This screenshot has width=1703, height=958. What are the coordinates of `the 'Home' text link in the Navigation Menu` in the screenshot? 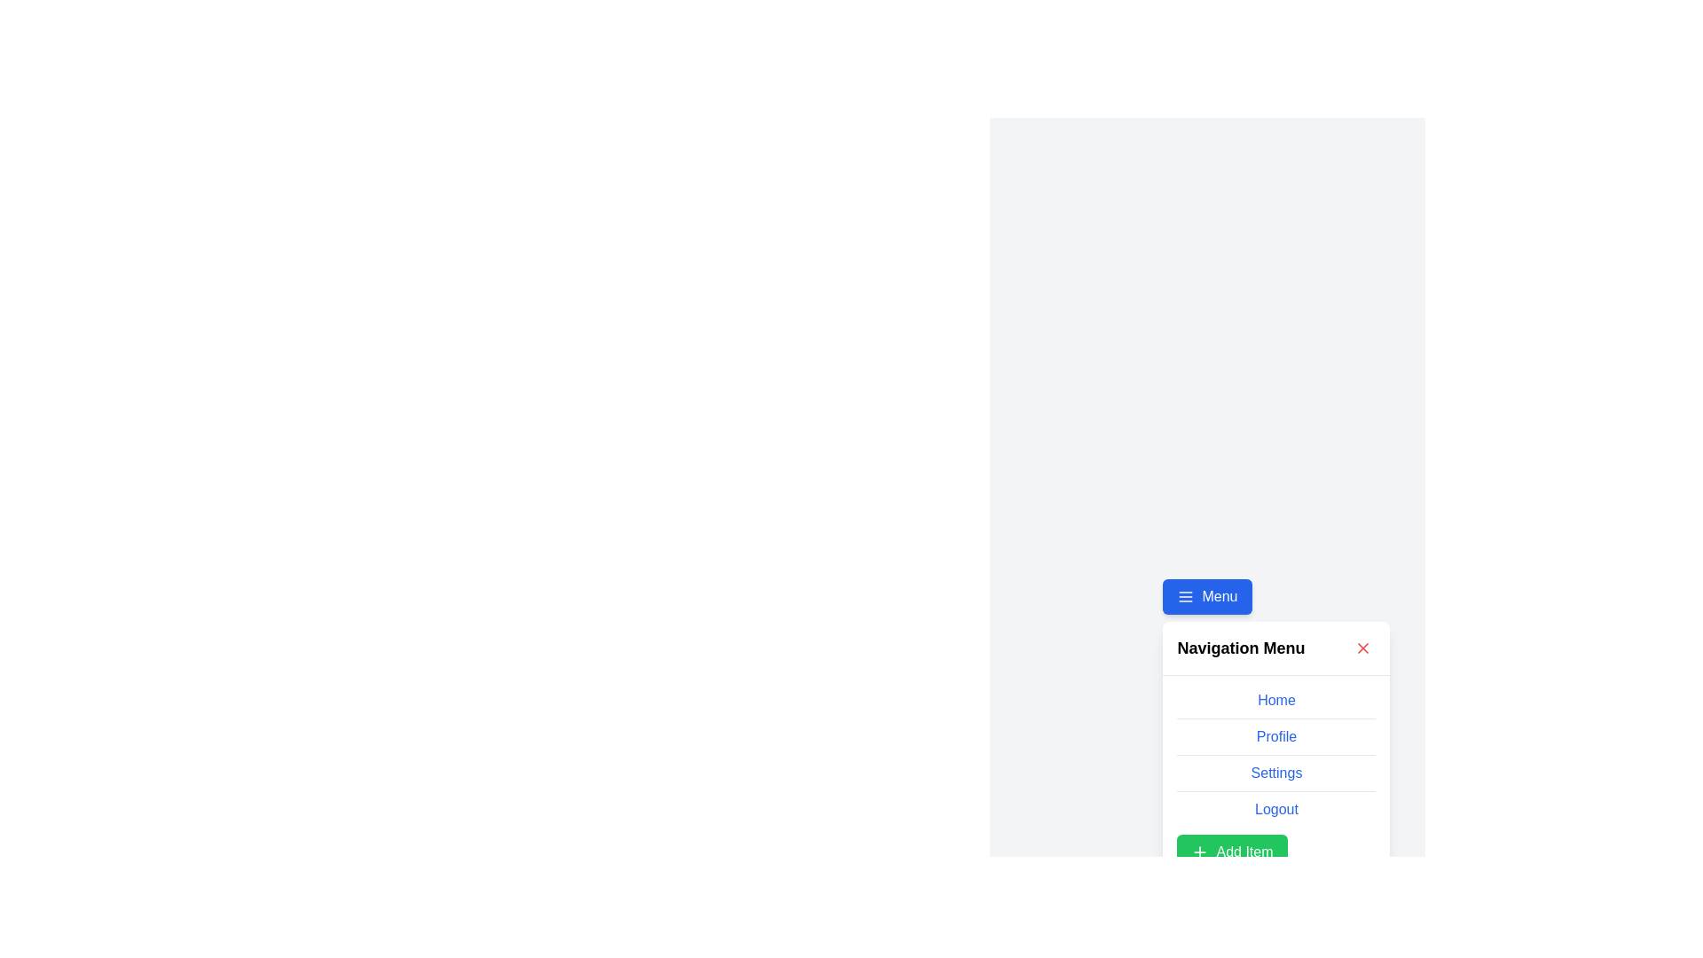 It's located at (1275, 699).